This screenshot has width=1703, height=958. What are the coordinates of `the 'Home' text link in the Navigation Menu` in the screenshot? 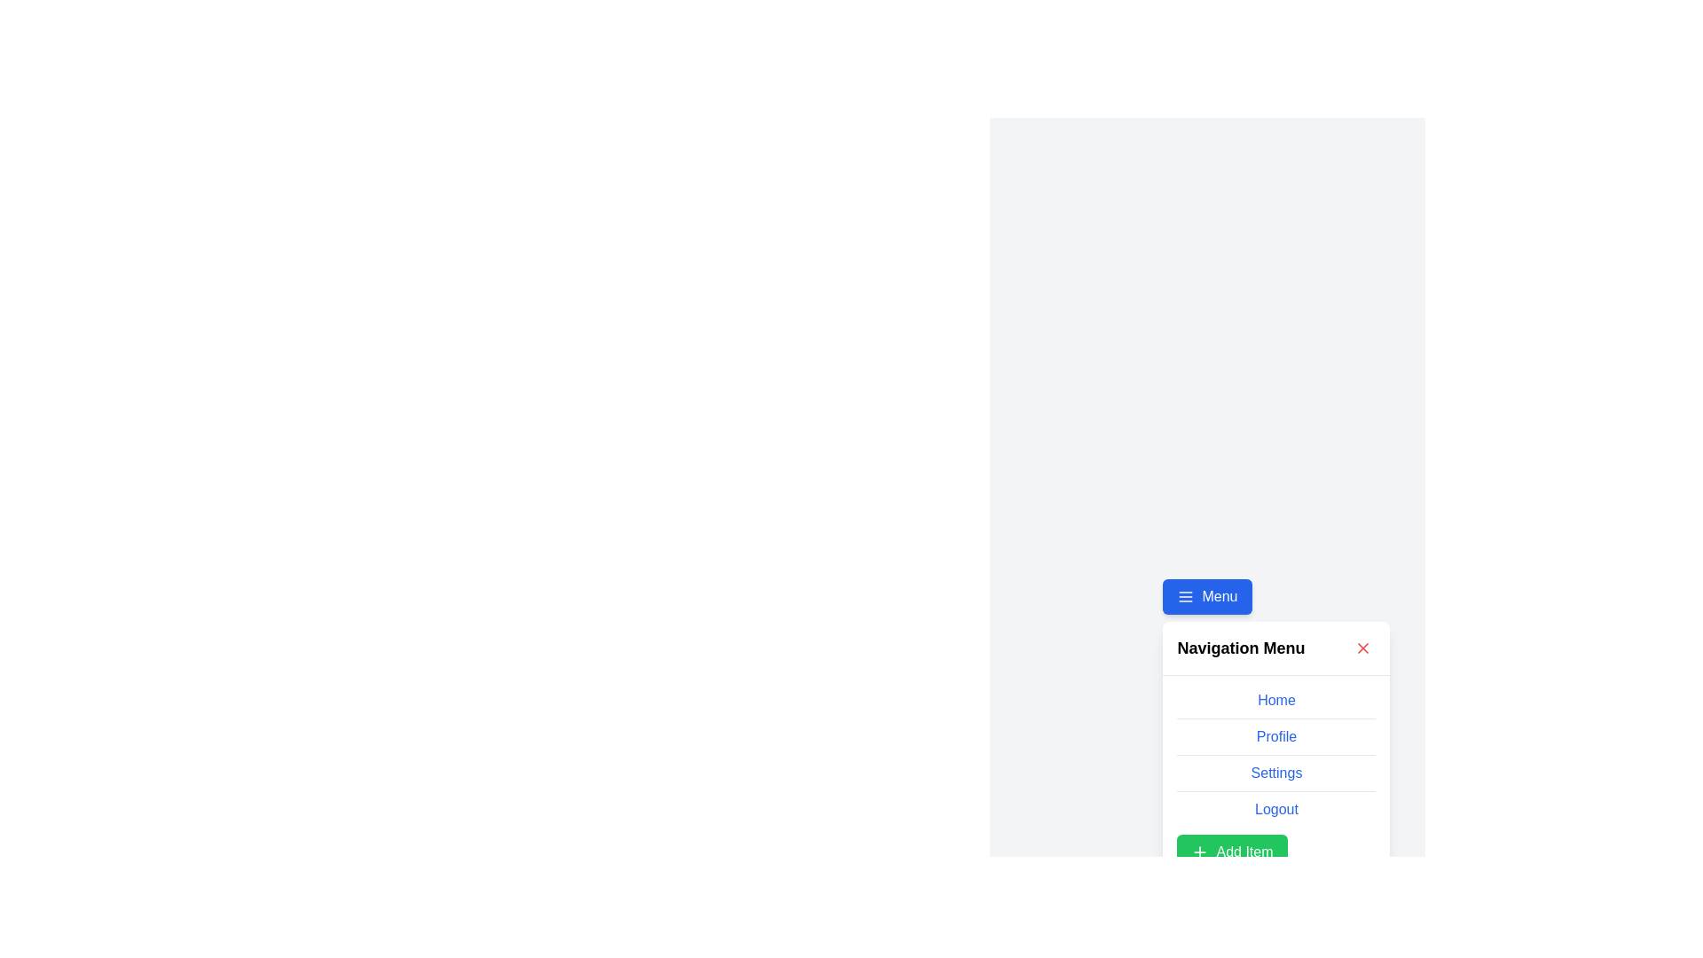 It's located at (1275, 699).